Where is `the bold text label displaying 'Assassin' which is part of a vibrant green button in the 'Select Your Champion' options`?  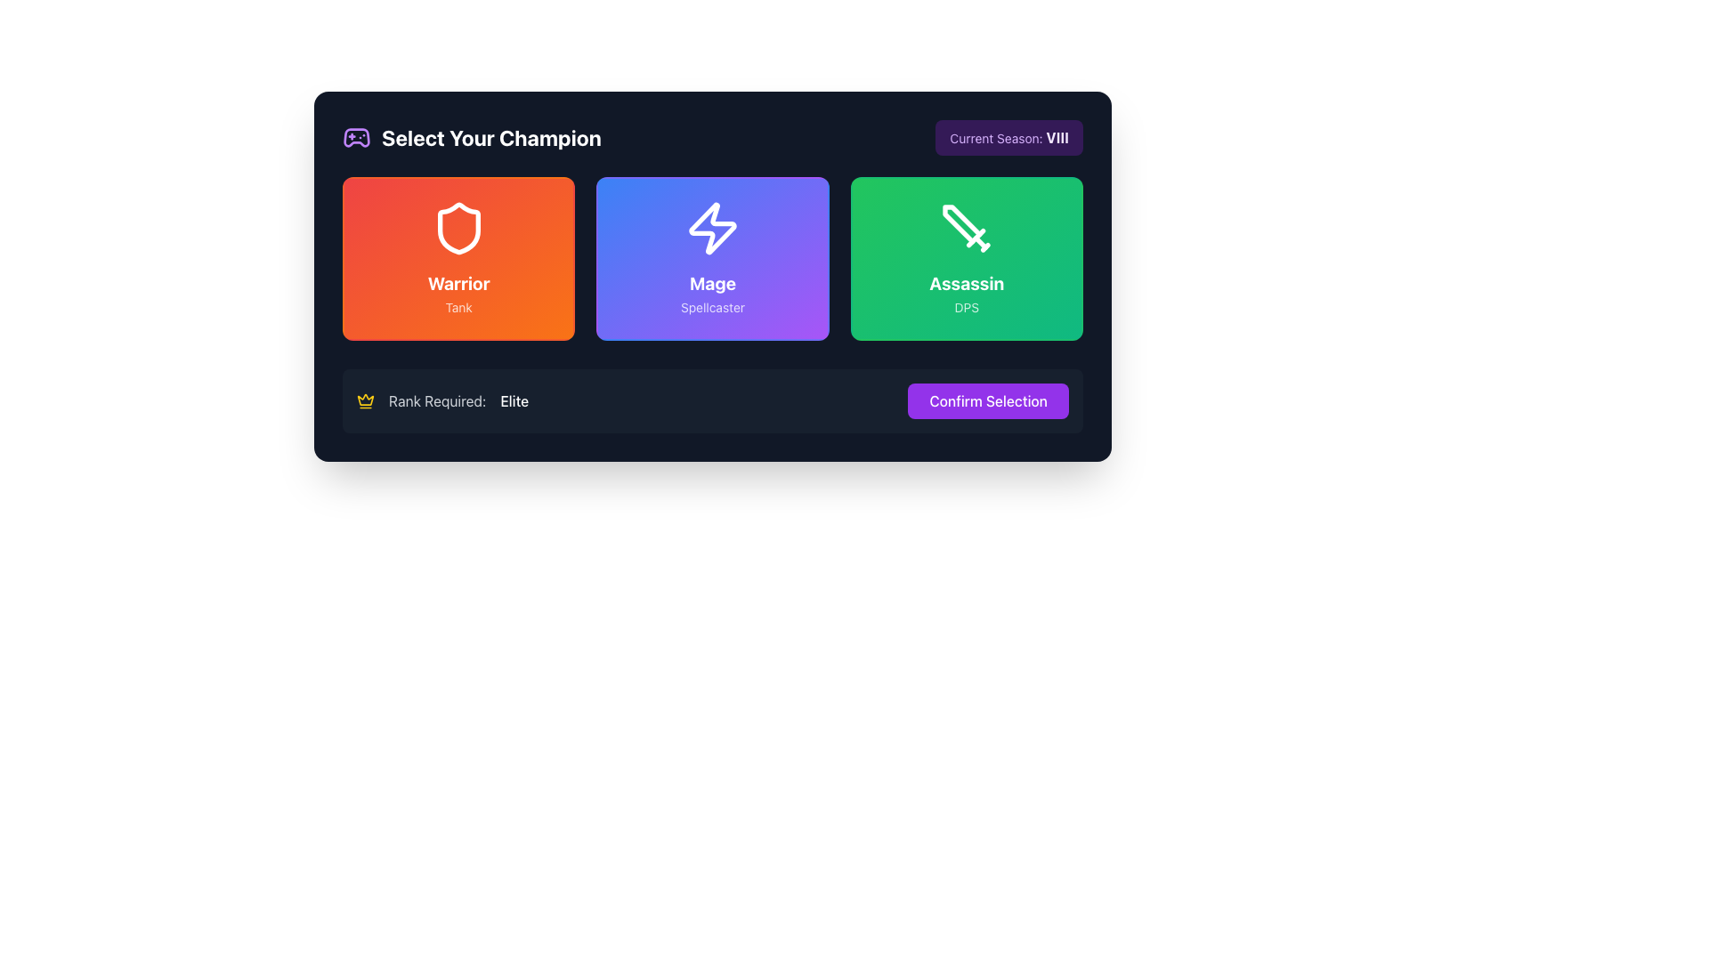 the bold text label displaying 'Assassin' which is part of a vibrant green button in the 'Select Your Champion' options is located at coordinates (966, 283).